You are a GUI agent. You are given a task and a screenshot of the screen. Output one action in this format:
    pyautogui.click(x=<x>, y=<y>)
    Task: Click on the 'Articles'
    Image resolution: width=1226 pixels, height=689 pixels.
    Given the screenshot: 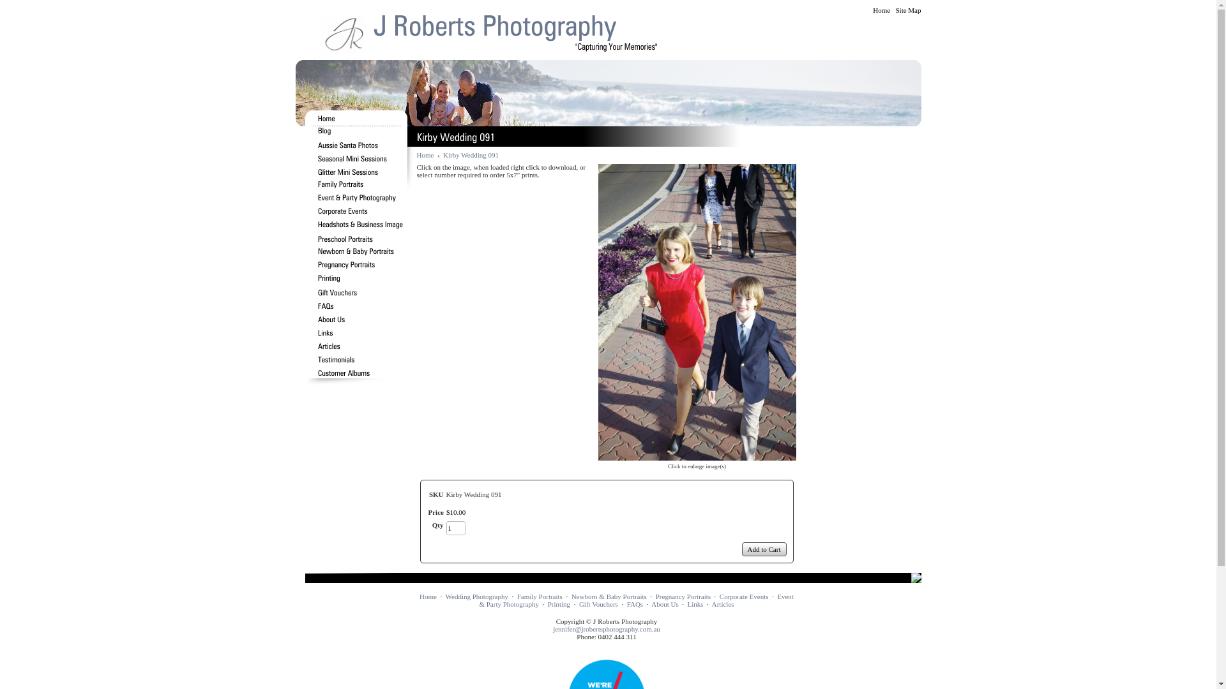 What is the action you would take?
    pyautogui.click(x=723, y=604)
    